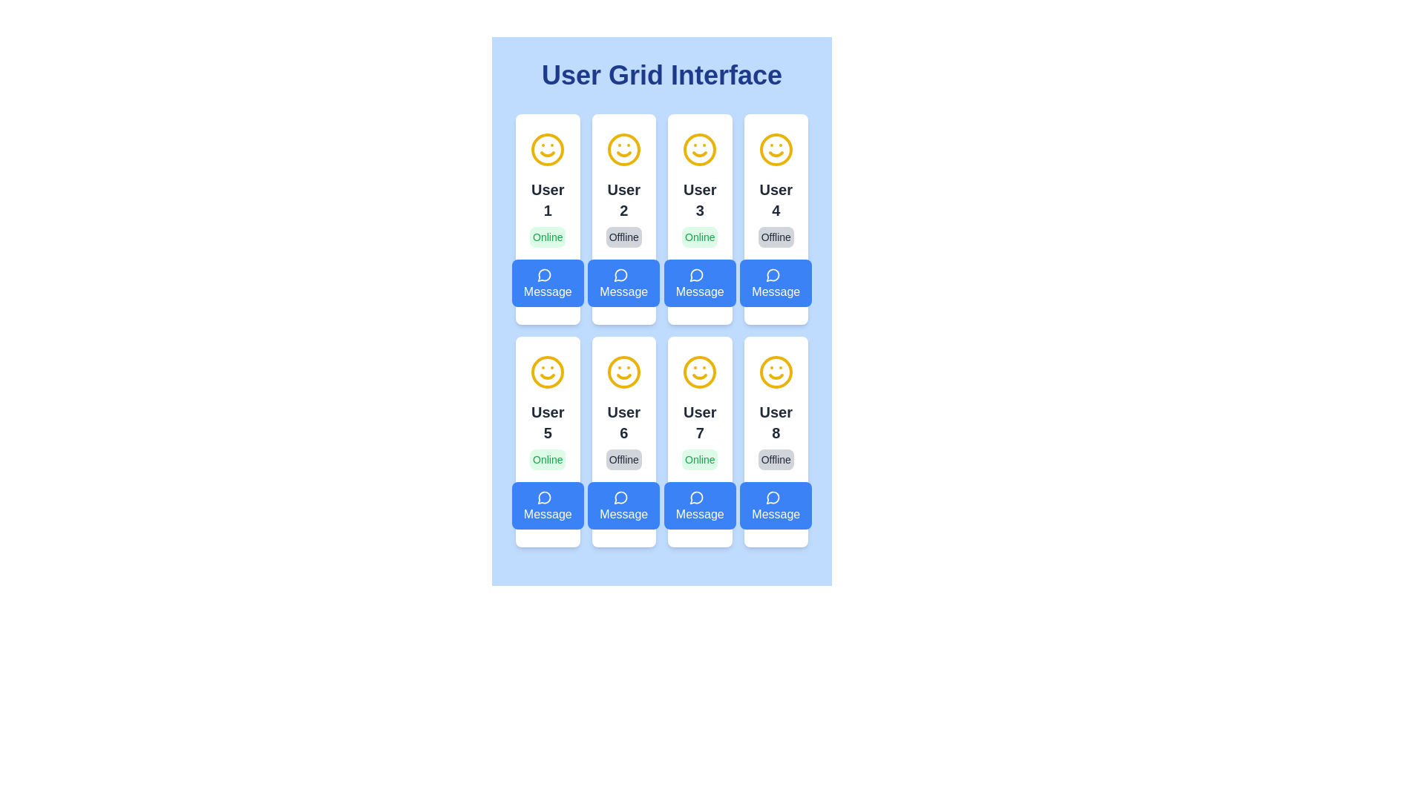 The width and height of the screenshot is (1425, 801). I want to click on the graphical curve depicting a smiling mouth, which is part of a circular icon in the second column of the top row of a grid layout, so click(623, 154).